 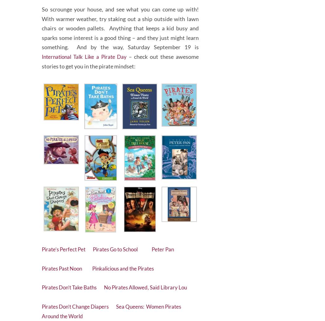 What do you see at coordinates (171, 247) in the screenshot?
I see `'Peter Pan'` at bounding box center [171, 247].